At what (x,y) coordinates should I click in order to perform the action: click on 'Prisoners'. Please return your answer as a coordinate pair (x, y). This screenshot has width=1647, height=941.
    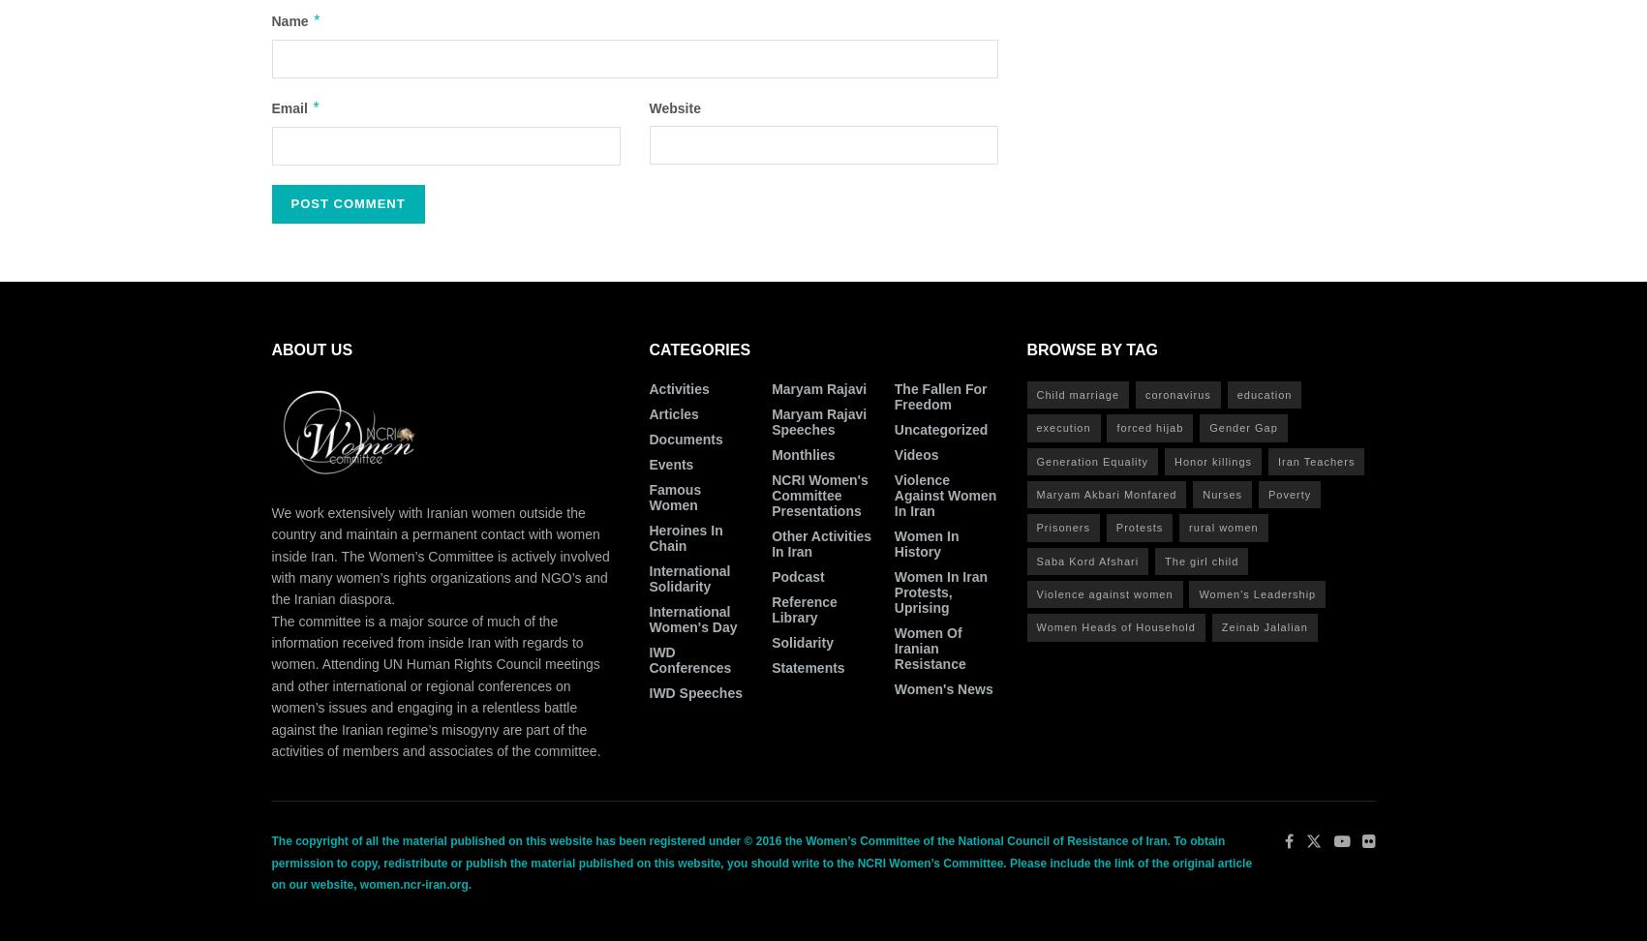
    Looking at the image, I should click on (1035, 528).